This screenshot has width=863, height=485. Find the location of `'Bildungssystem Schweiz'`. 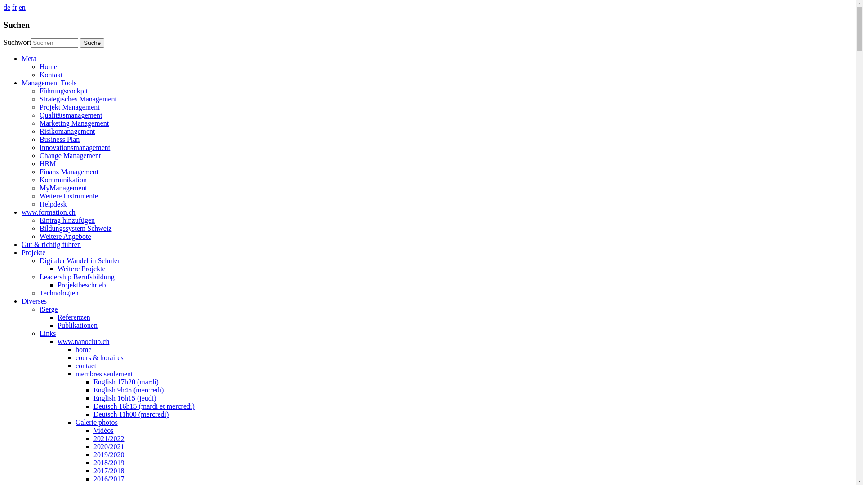

'Bildungssystem Schweiz' is located at coordinates (39, 228).